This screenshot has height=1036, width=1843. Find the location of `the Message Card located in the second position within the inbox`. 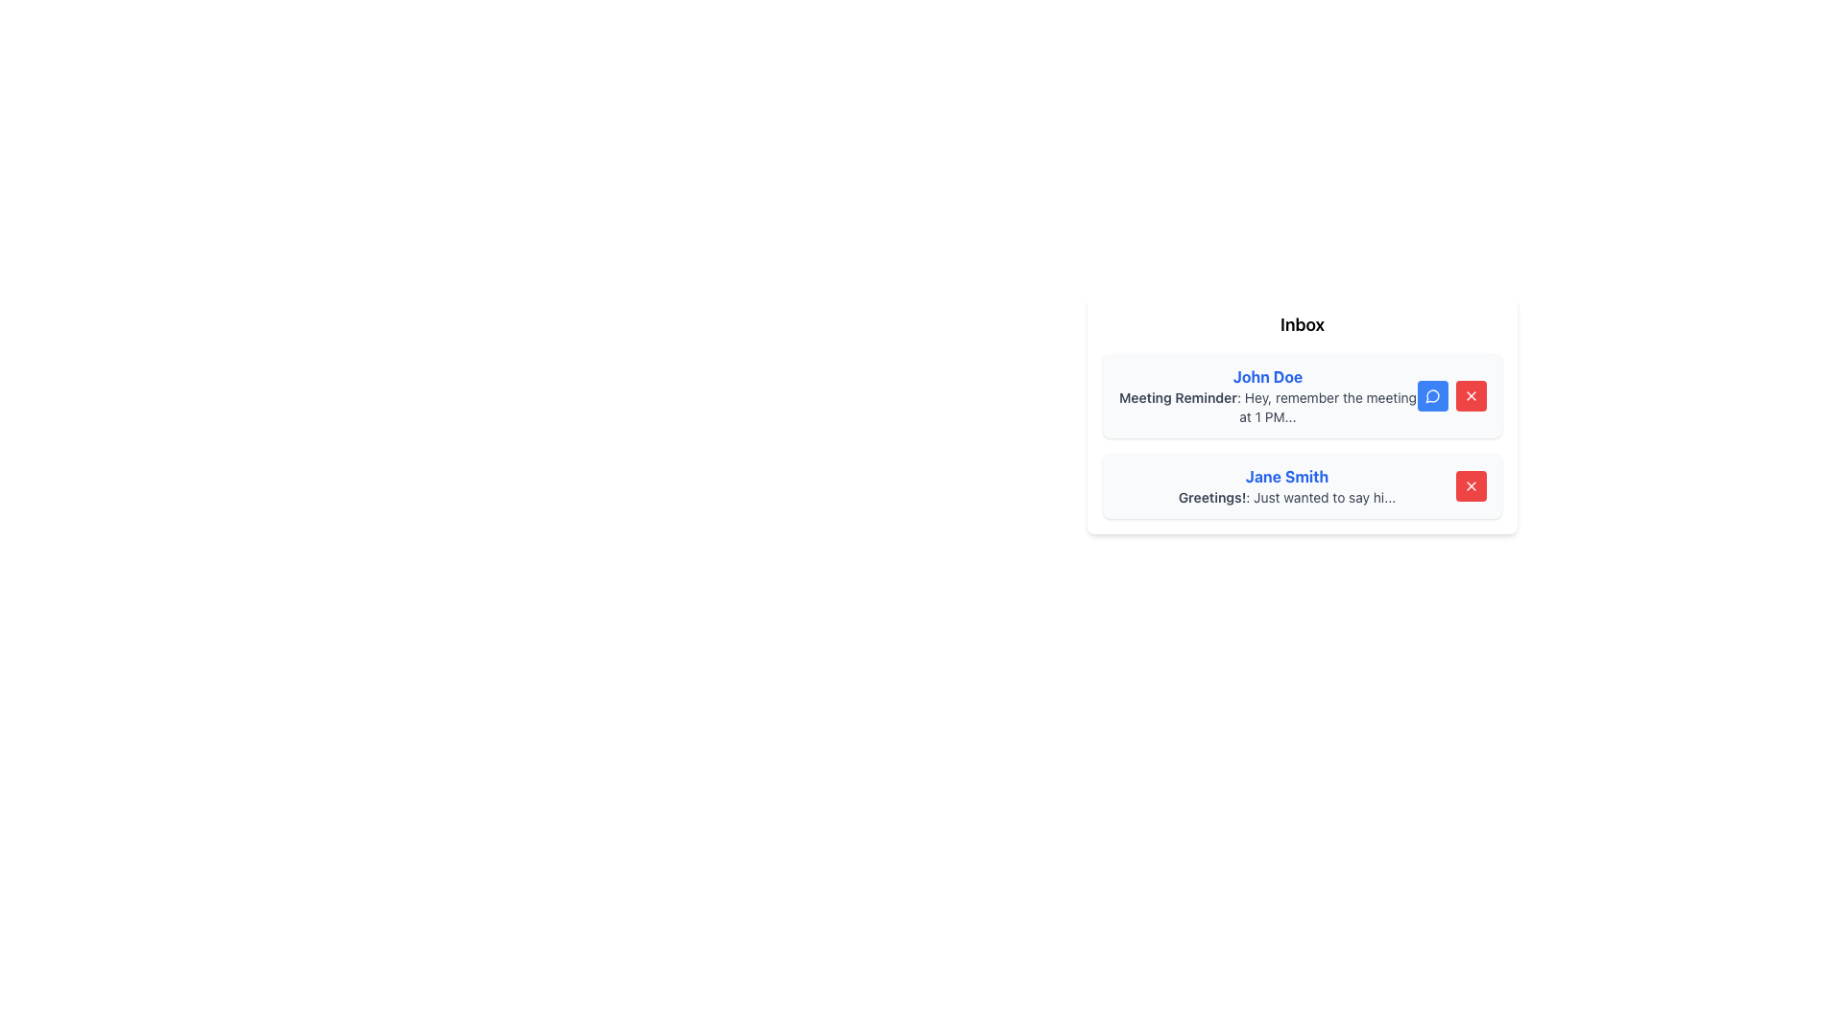

the Message Card located in the second position within the inbox is located at coordinates (1303, 484).